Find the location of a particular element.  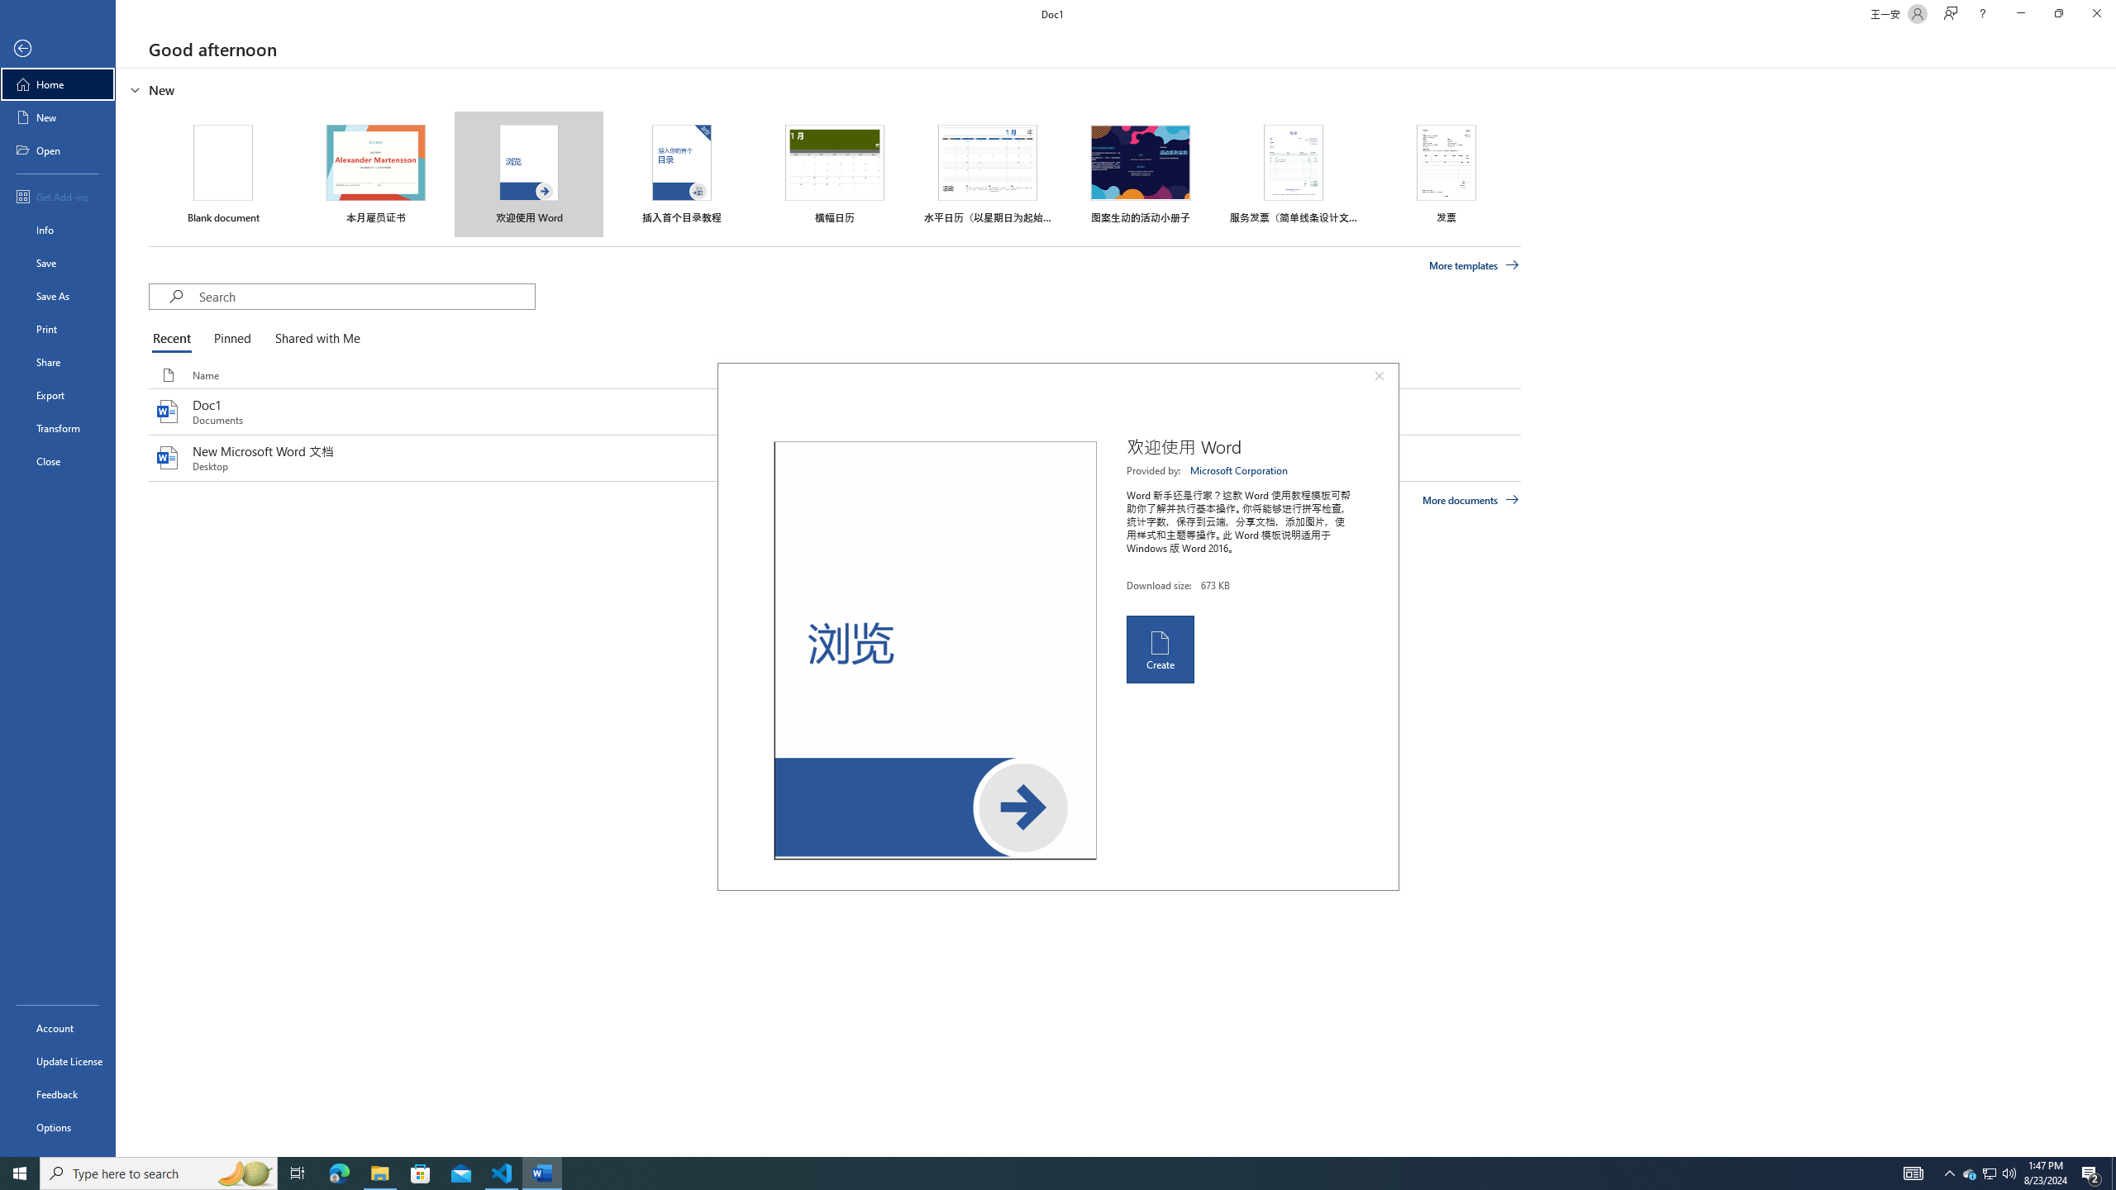

'Options' is located at coordinates (57, 1126).